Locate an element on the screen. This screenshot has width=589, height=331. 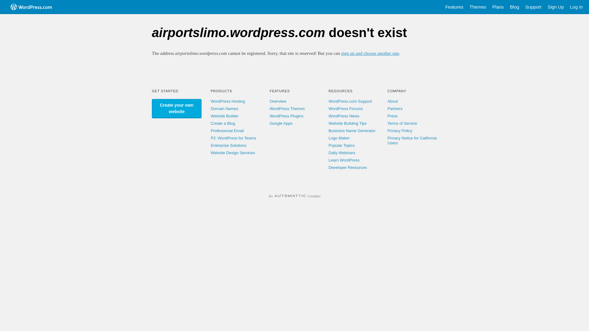
'Domain Names' is located at coordinates (224, 108).